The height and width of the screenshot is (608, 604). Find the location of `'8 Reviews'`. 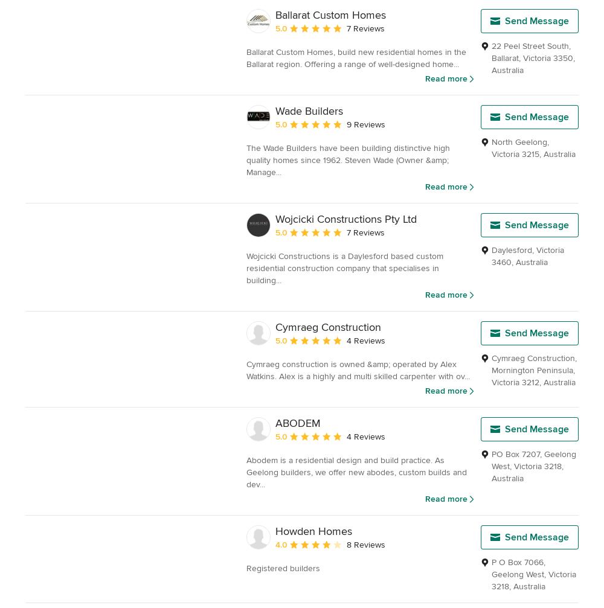

'8 Reviews' is located at coordinates (365, 543).